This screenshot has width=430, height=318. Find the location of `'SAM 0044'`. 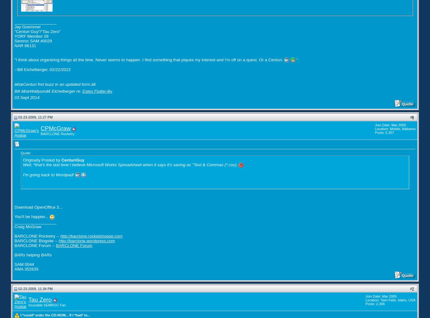

'SAM 0044' is located at coordinates (24, 264).